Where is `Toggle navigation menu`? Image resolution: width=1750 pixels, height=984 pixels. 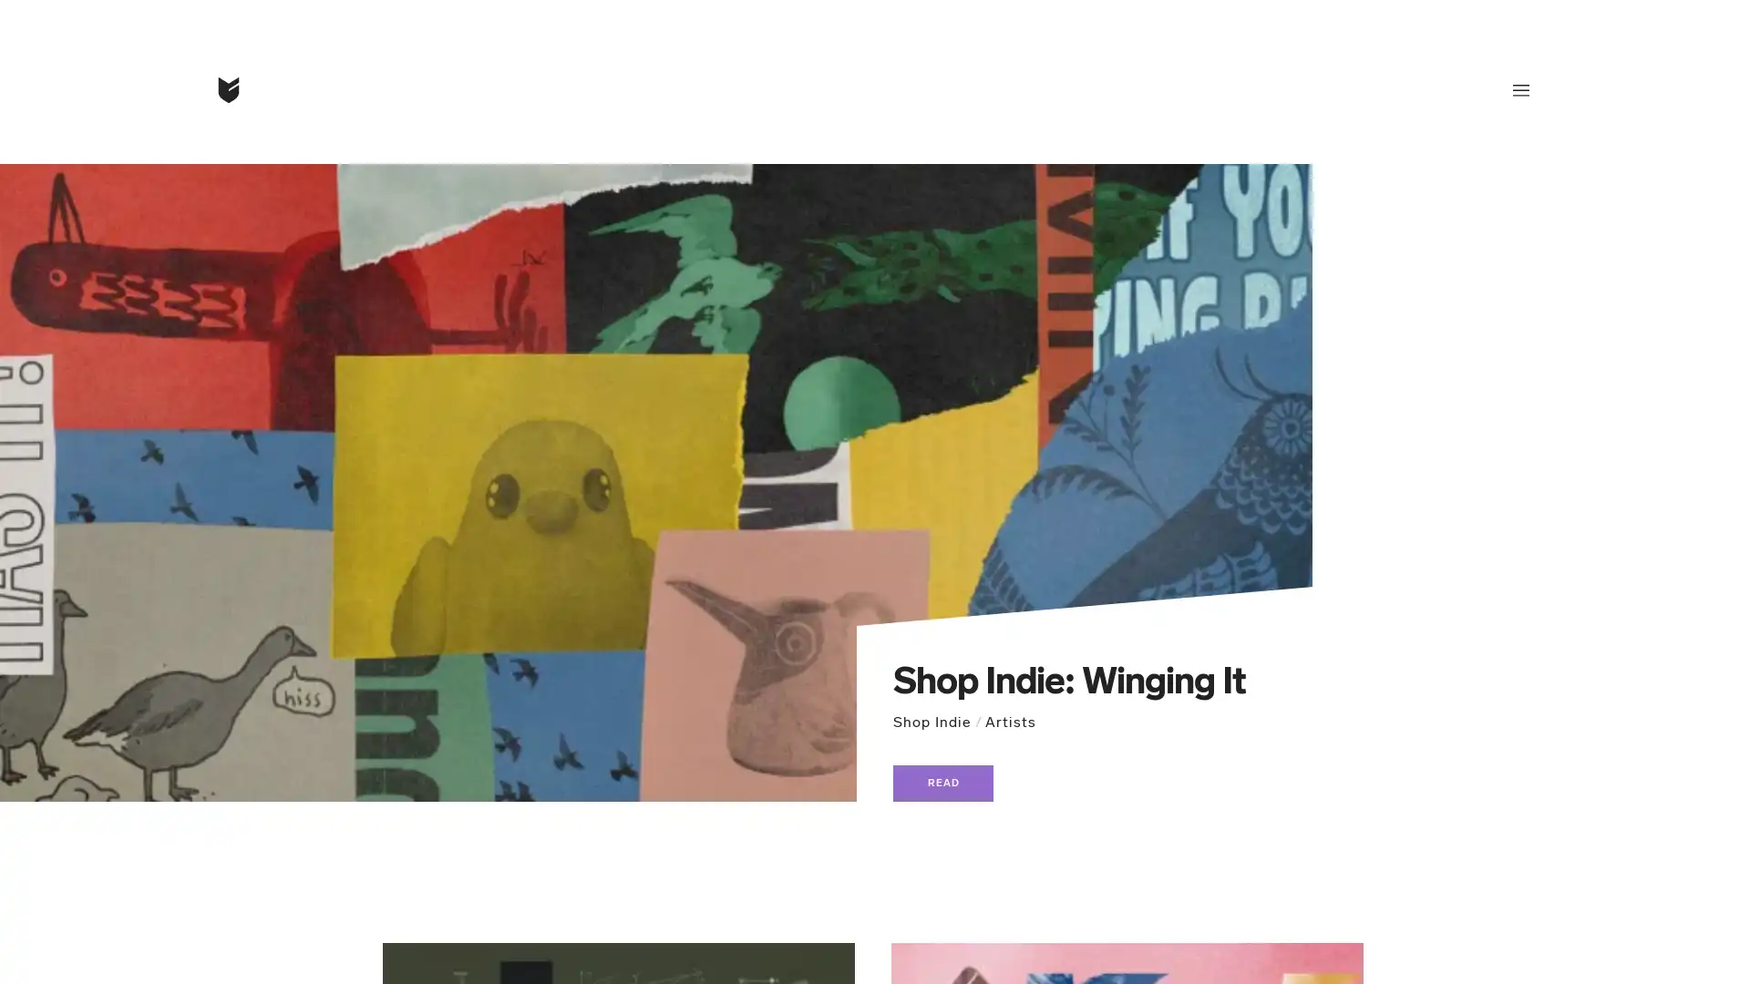
Toggle navigation menu is located at coordinates (1521, 90).